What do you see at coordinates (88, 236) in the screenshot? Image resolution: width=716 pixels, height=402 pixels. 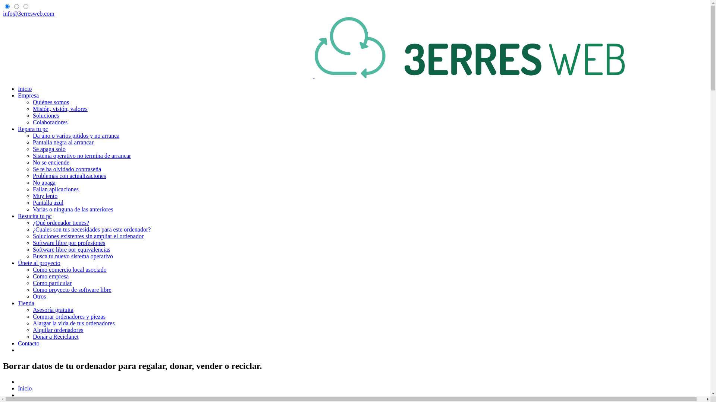 I see `'Soluciones existentes sin ampliar el ordenador'` at bounding box center [88, 236].